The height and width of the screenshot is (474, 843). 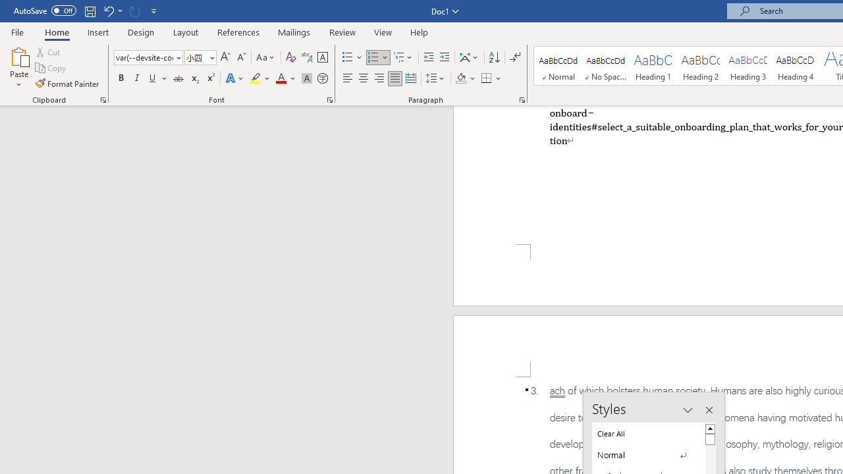 What do you see at coordinates (648, 433) in the screenshot?
I see `'Clear All'` at bounding box center [648, 433].